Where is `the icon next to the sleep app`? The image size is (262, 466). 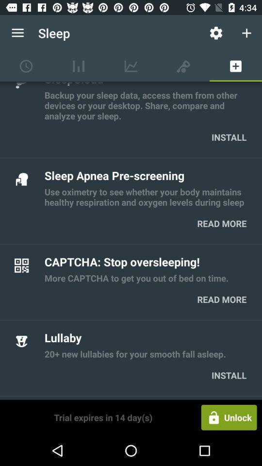
the icon next to the sleep app is located at coordinates (216, 33).